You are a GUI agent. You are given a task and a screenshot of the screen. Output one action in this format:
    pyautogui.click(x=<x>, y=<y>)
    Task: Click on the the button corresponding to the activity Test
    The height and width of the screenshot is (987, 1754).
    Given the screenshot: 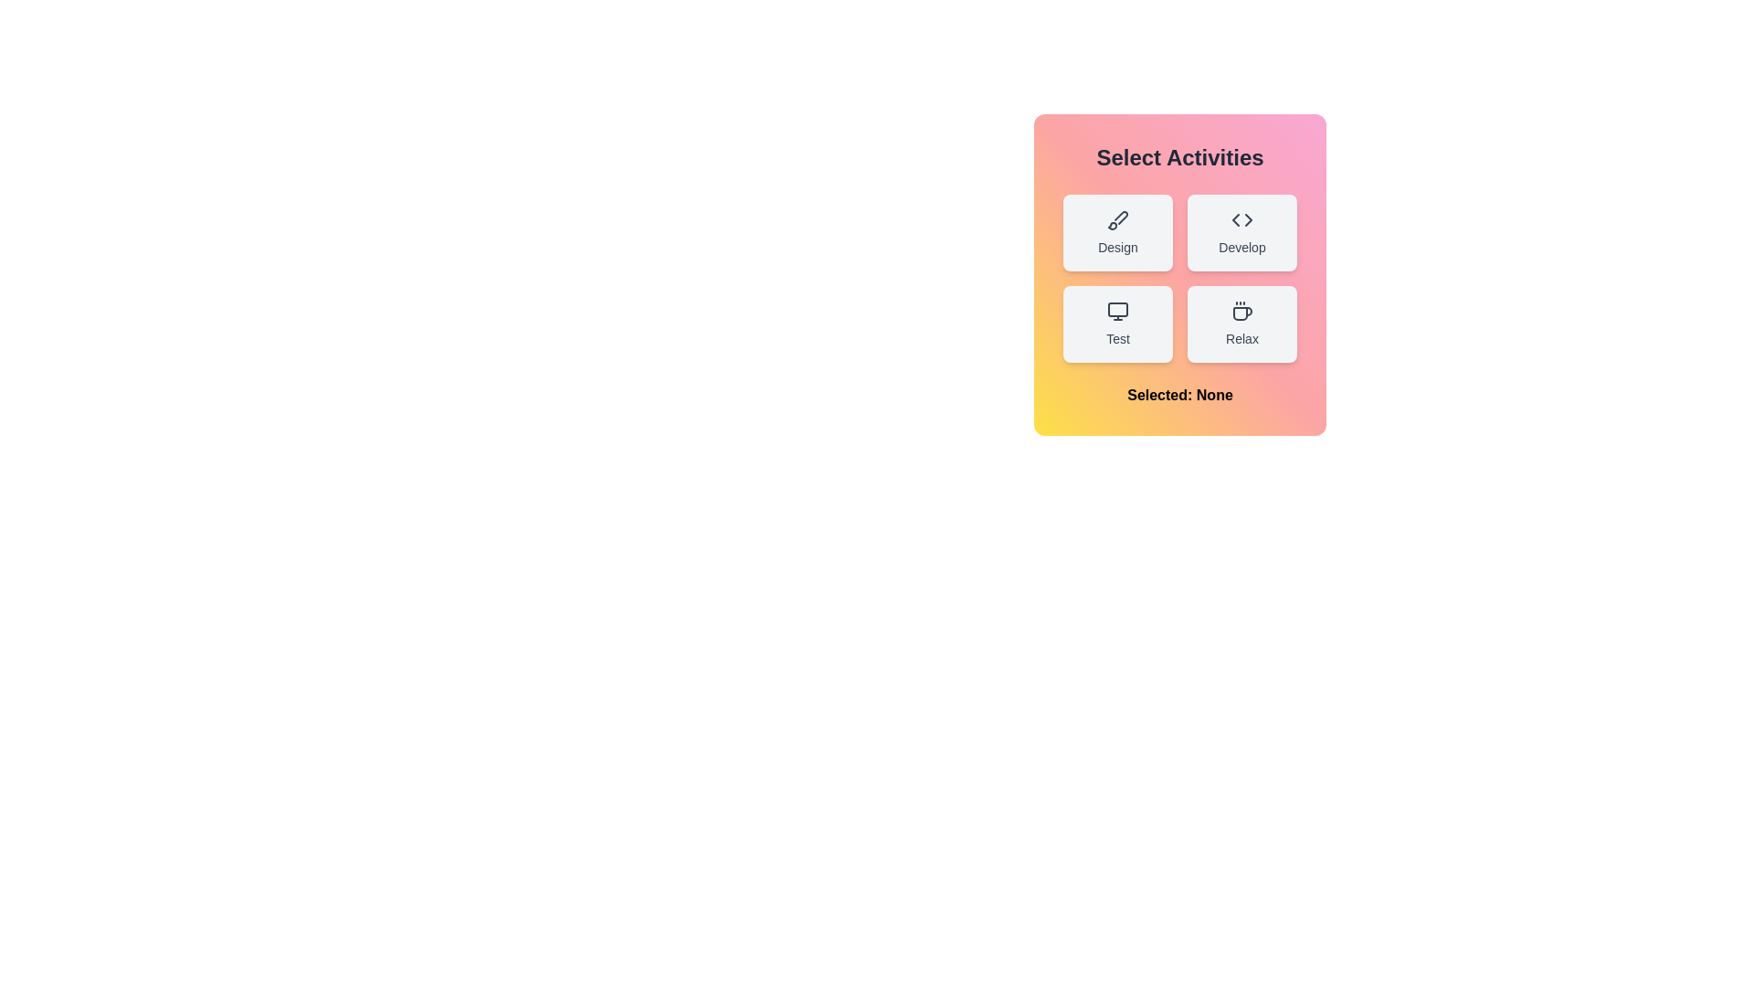 What is the action you would take?
    pyautogui.click(x=1117, y=323)
    